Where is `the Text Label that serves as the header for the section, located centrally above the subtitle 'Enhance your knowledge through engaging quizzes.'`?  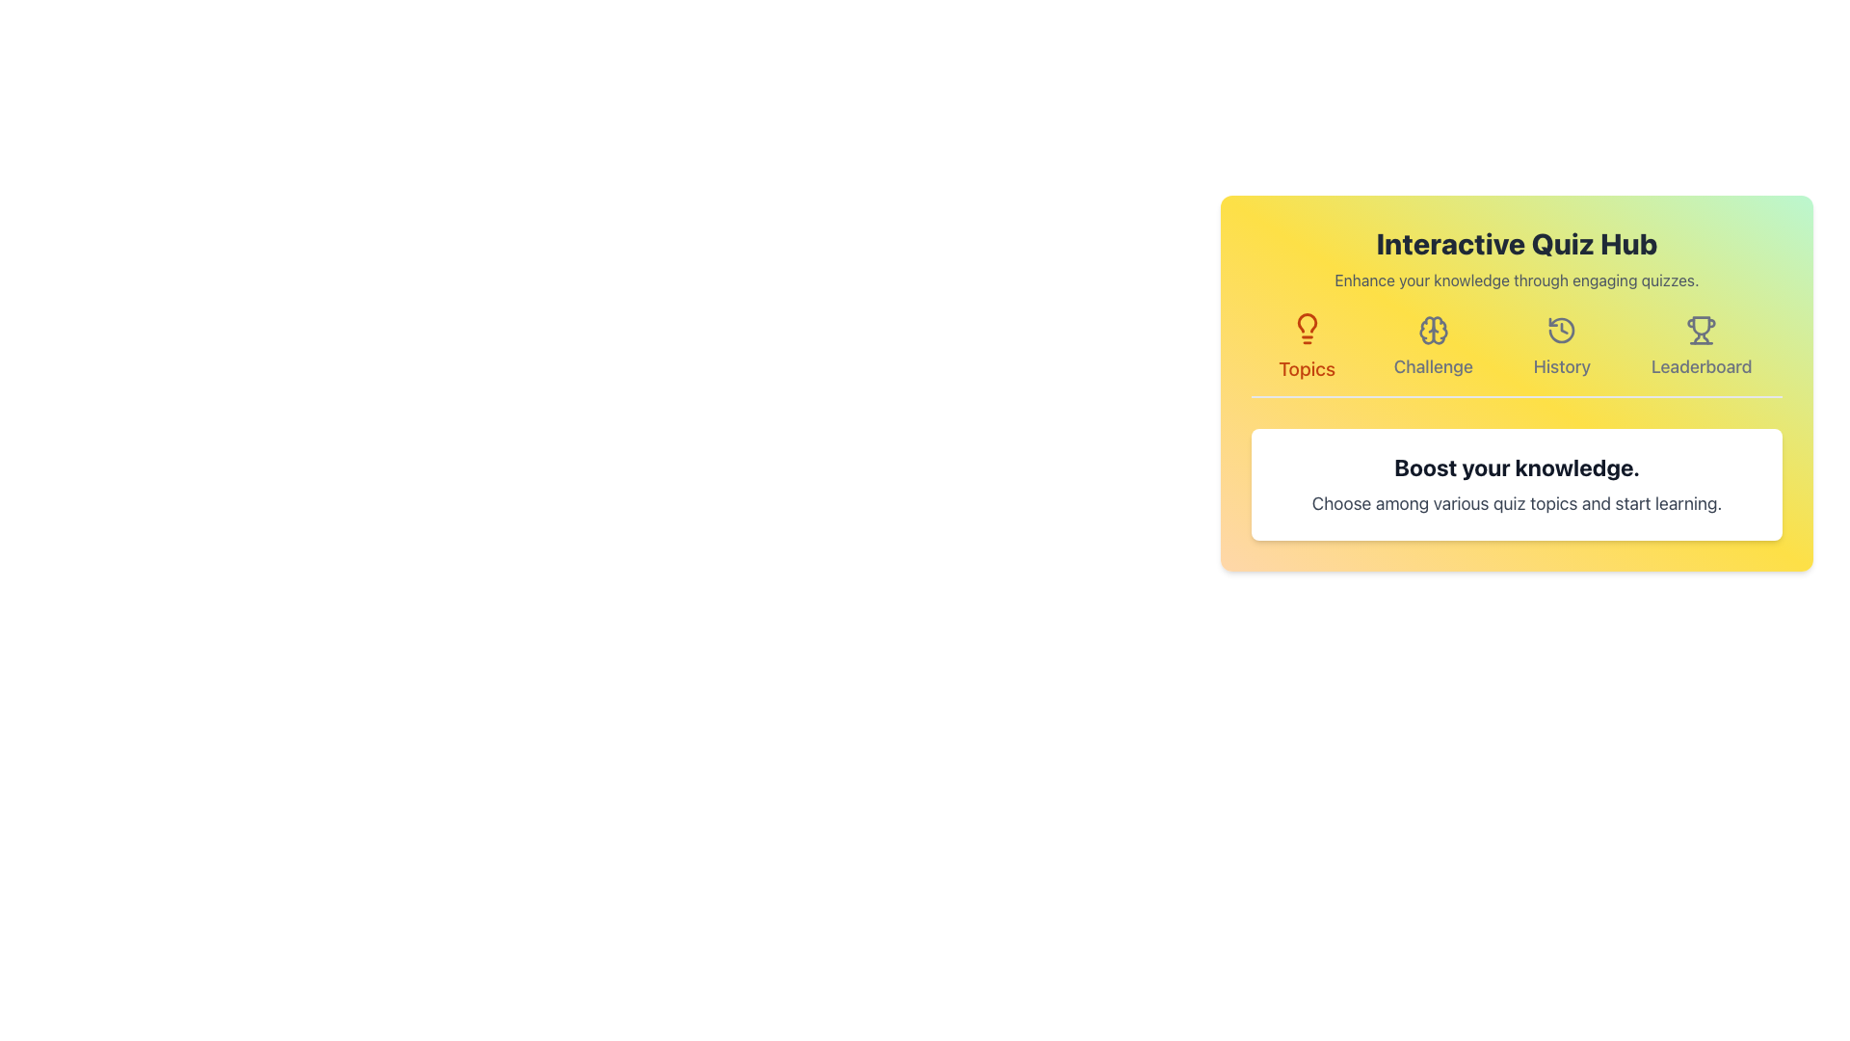 the Text Label that serves as the header for the section, located centrally above the subtitle 'Enhance your knowledge through engaging quizzes.' is located at coordinates (1516, 243).